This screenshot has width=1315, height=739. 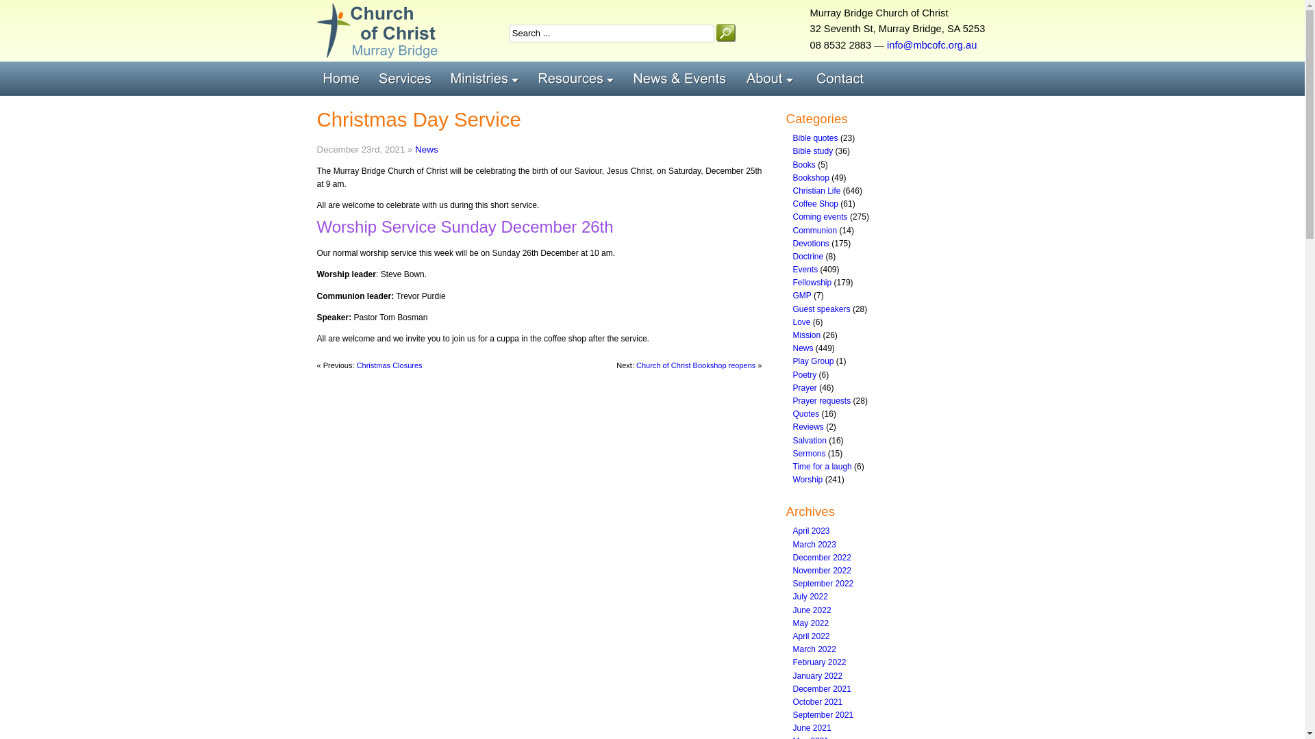 What do you see at coordinates (822, 400) in the screenshot?
I see `'Prayer requests'` at bounding box center [822, 400].